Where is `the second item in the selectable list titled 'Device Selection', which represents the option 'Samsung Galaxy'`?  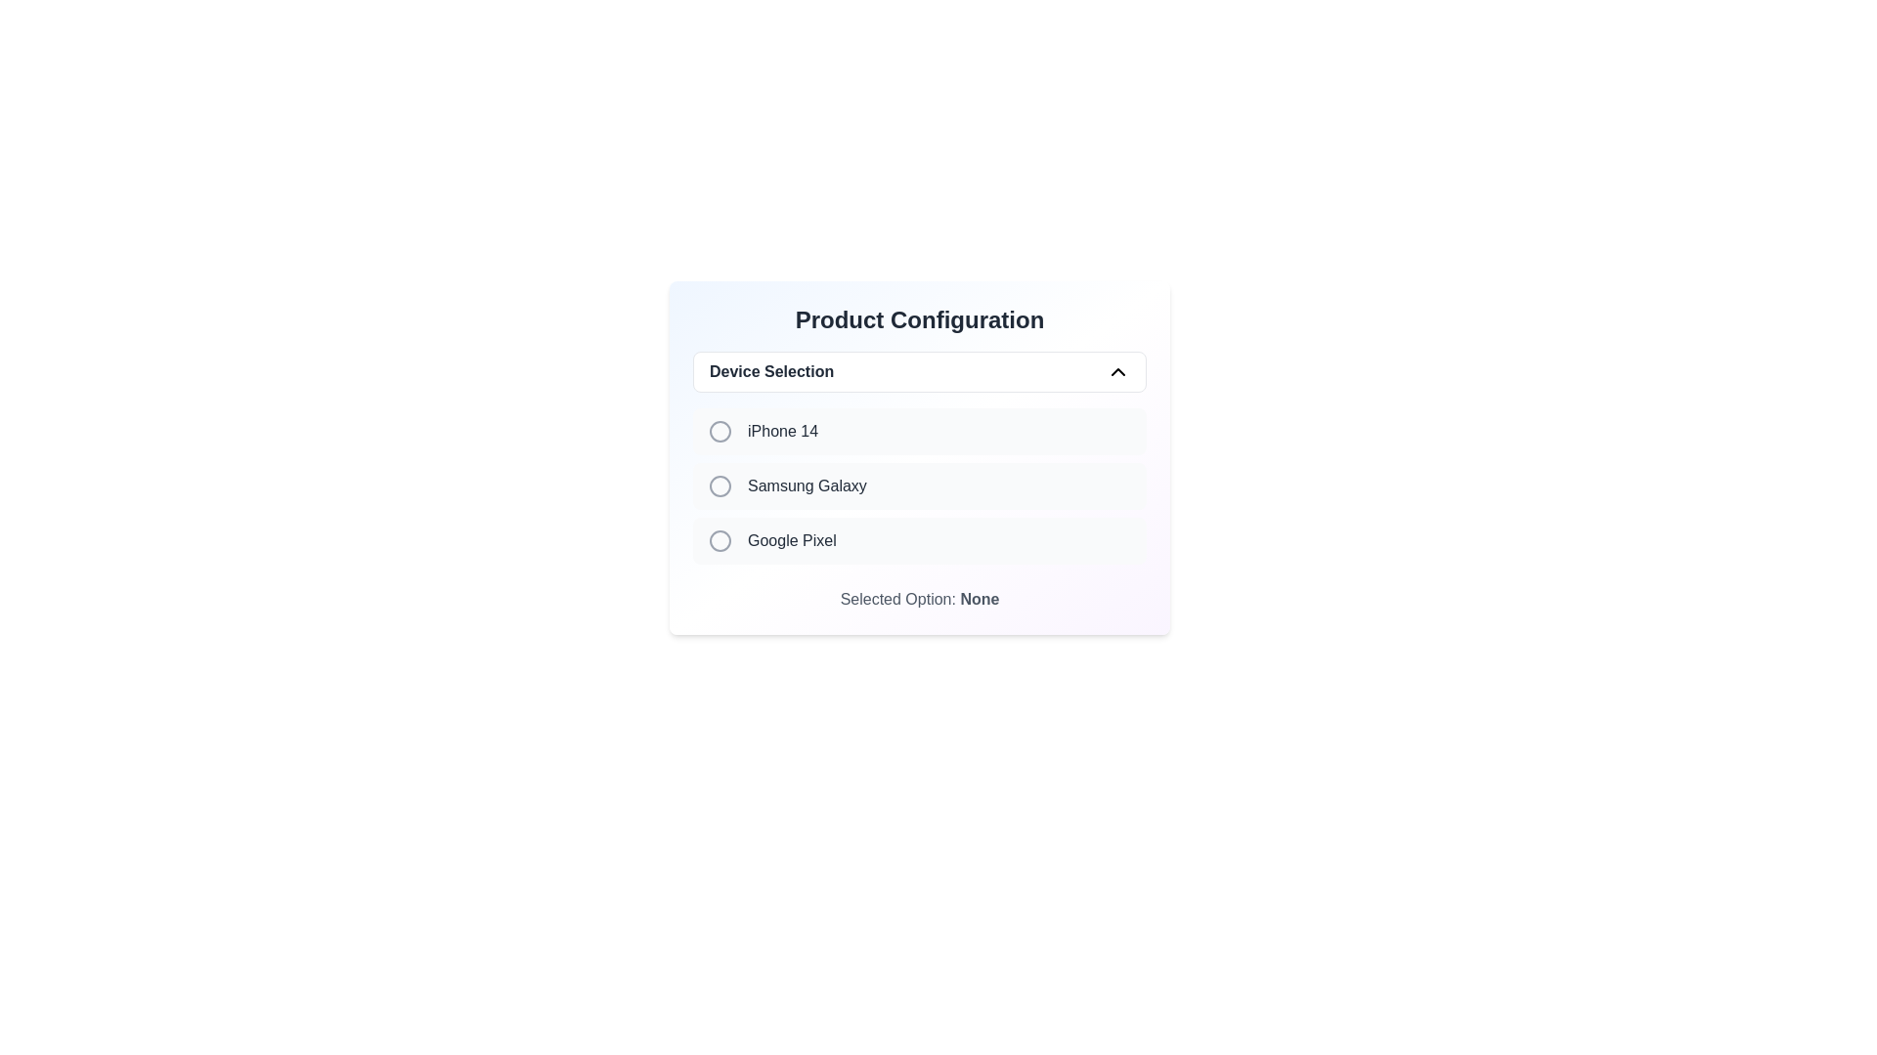
the second item in the selectable list titled 'Device Selection', which represents the option 'Samsung Galaxy' is located at coordinates (918, 485).